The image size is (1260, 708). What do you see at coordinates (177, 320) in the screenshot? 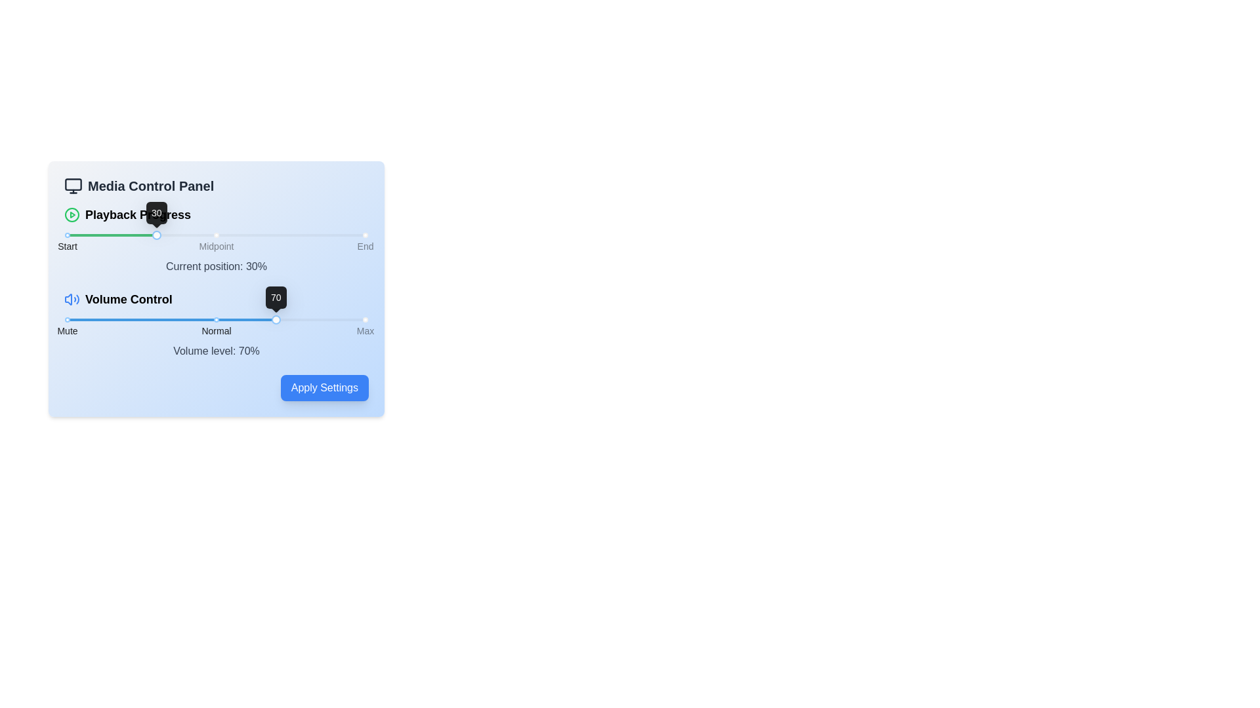
I see `the slider` at bounding box center [177, 320].